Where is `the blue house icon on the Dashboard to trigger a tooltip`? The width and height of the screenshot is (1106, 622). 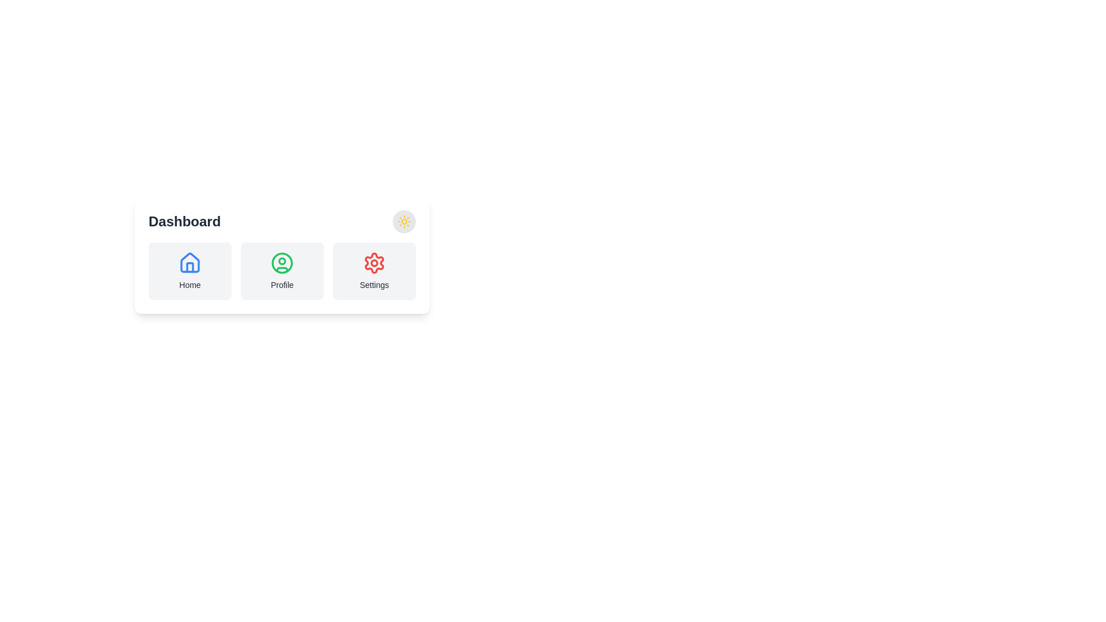
the blue house icon on the Dashboard to trigger a tooltip is located at coordinates (190, 262).